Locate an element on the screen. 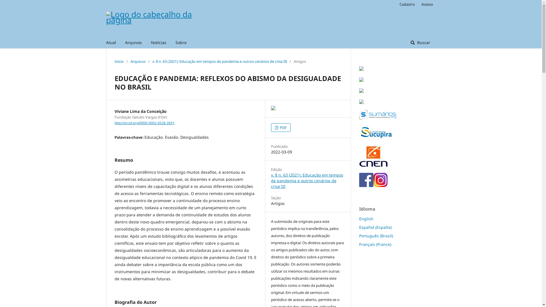 This screenshot has height=307, width=546. 'Cadastro' is located at coordinates (396, 4).